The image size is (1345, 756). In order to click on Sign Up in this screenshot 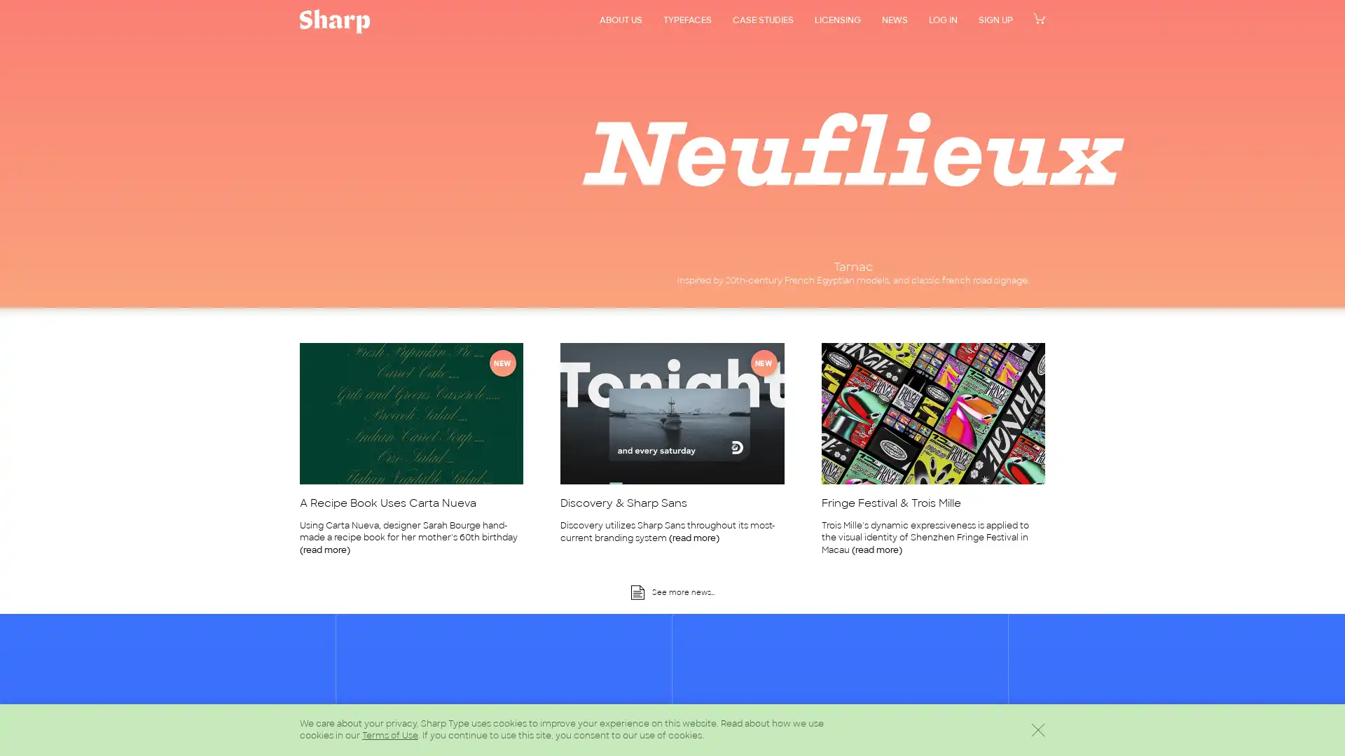, I will do `click(1290, 682)`.